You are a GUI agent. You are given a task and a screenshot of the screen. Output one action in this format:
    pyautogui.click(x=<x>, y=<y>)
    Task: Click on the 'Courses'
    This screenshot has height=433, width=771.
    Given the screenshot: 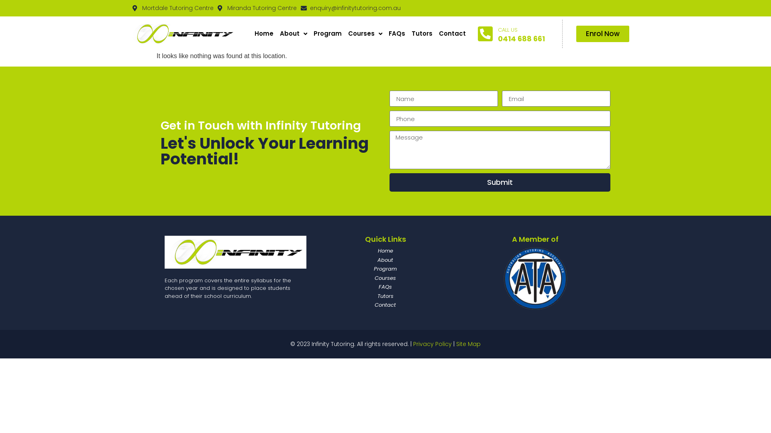 What is the action you would take?
    pyautogui.click(x=345, y=33)
    